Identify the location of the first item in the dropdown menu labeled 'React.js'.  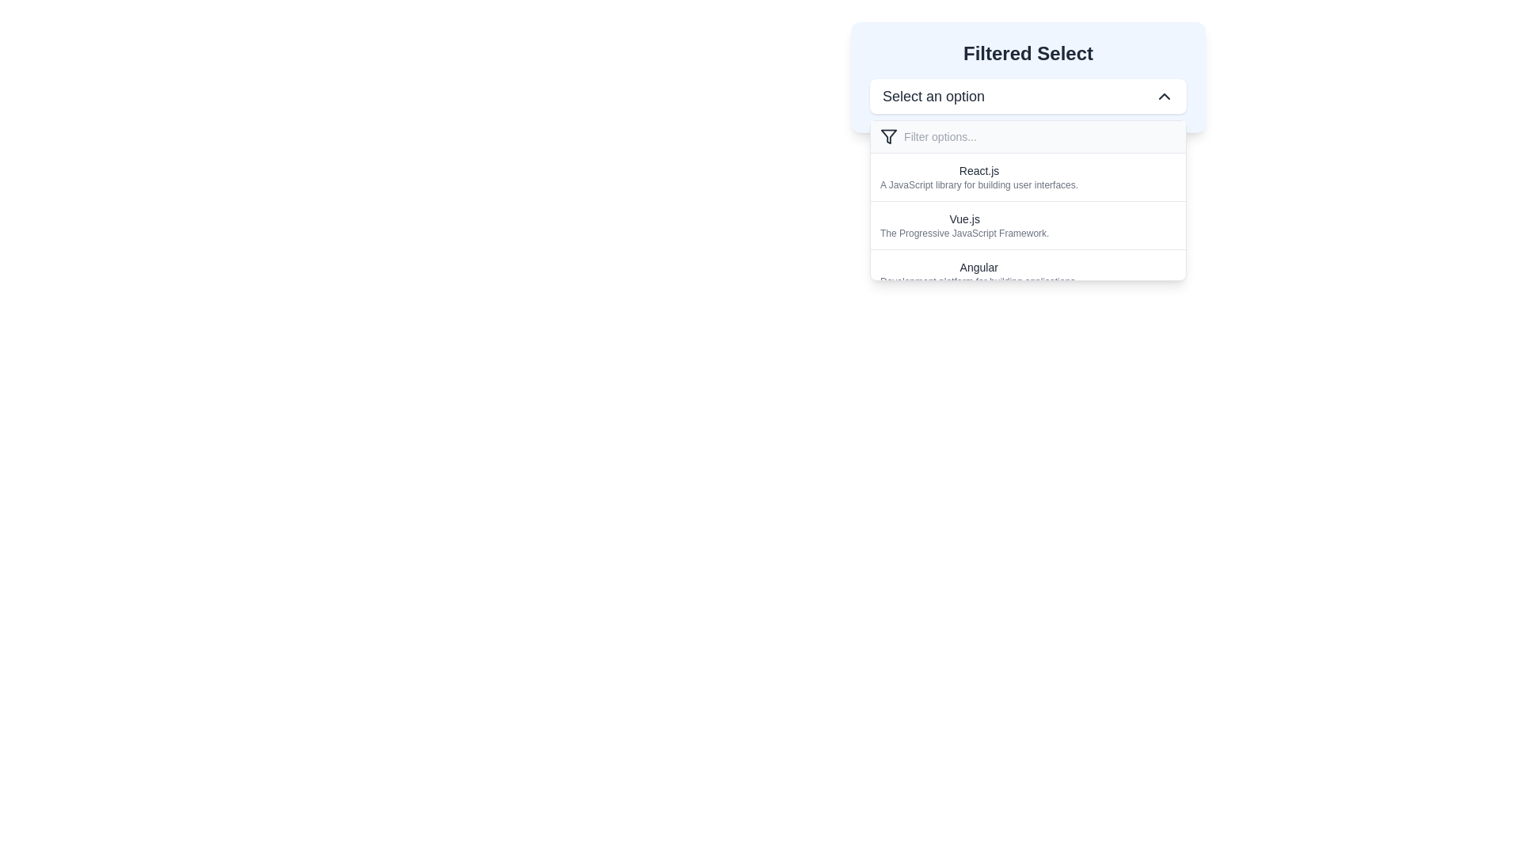
(1028, 177).